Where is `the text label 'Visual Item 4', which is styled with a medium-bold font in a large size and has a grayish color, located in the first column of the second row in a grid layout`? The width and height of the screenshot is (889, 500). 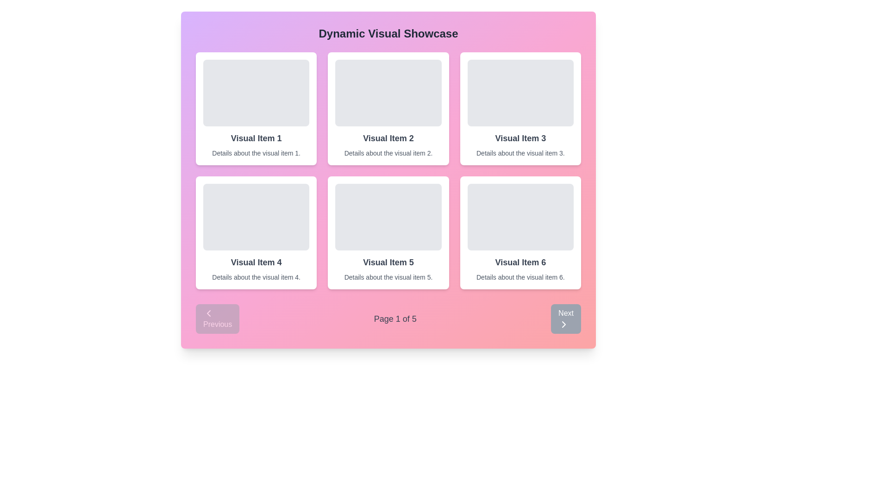 the text label 'Visual Item 4', which is styled with a medium-bold font in a large size and has a grayish color, located in the first column of the second row in a grid layout is located at coordinates (256, 262).